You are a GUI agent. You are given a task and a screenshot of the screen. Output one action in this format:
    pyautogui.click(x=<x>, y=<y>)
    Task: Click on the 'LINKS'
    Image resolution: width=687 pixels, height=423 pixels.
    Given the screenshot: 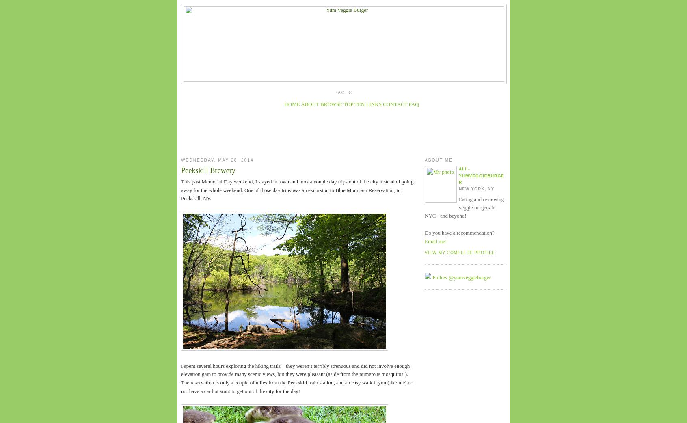 What is the action you would take?
    pyautogui.click(x=373, y=104)
    